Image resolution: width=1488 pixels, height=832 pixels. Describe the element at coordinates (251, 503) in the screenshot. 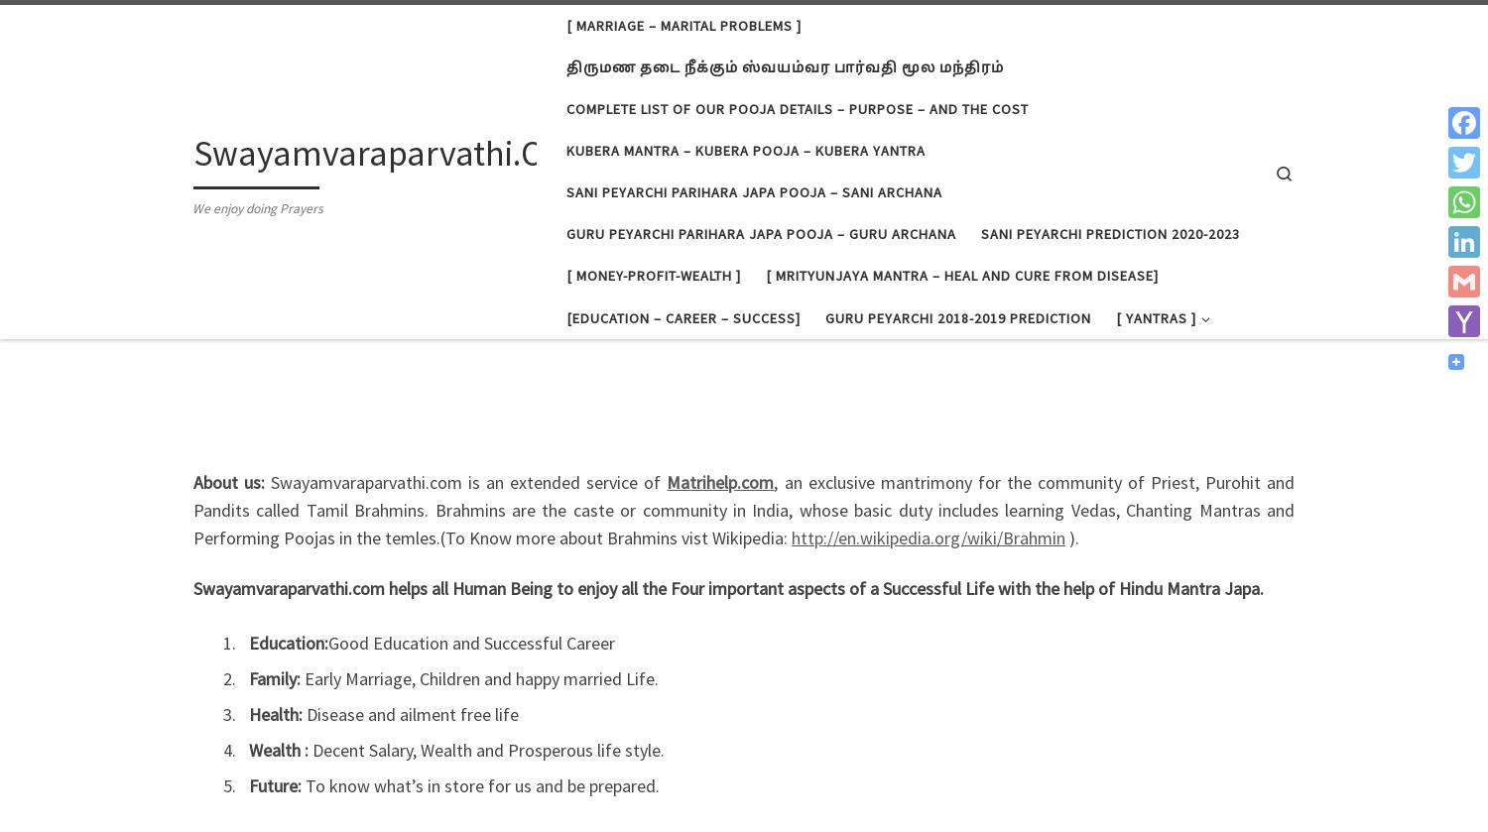

I see `'Search'` at that location.